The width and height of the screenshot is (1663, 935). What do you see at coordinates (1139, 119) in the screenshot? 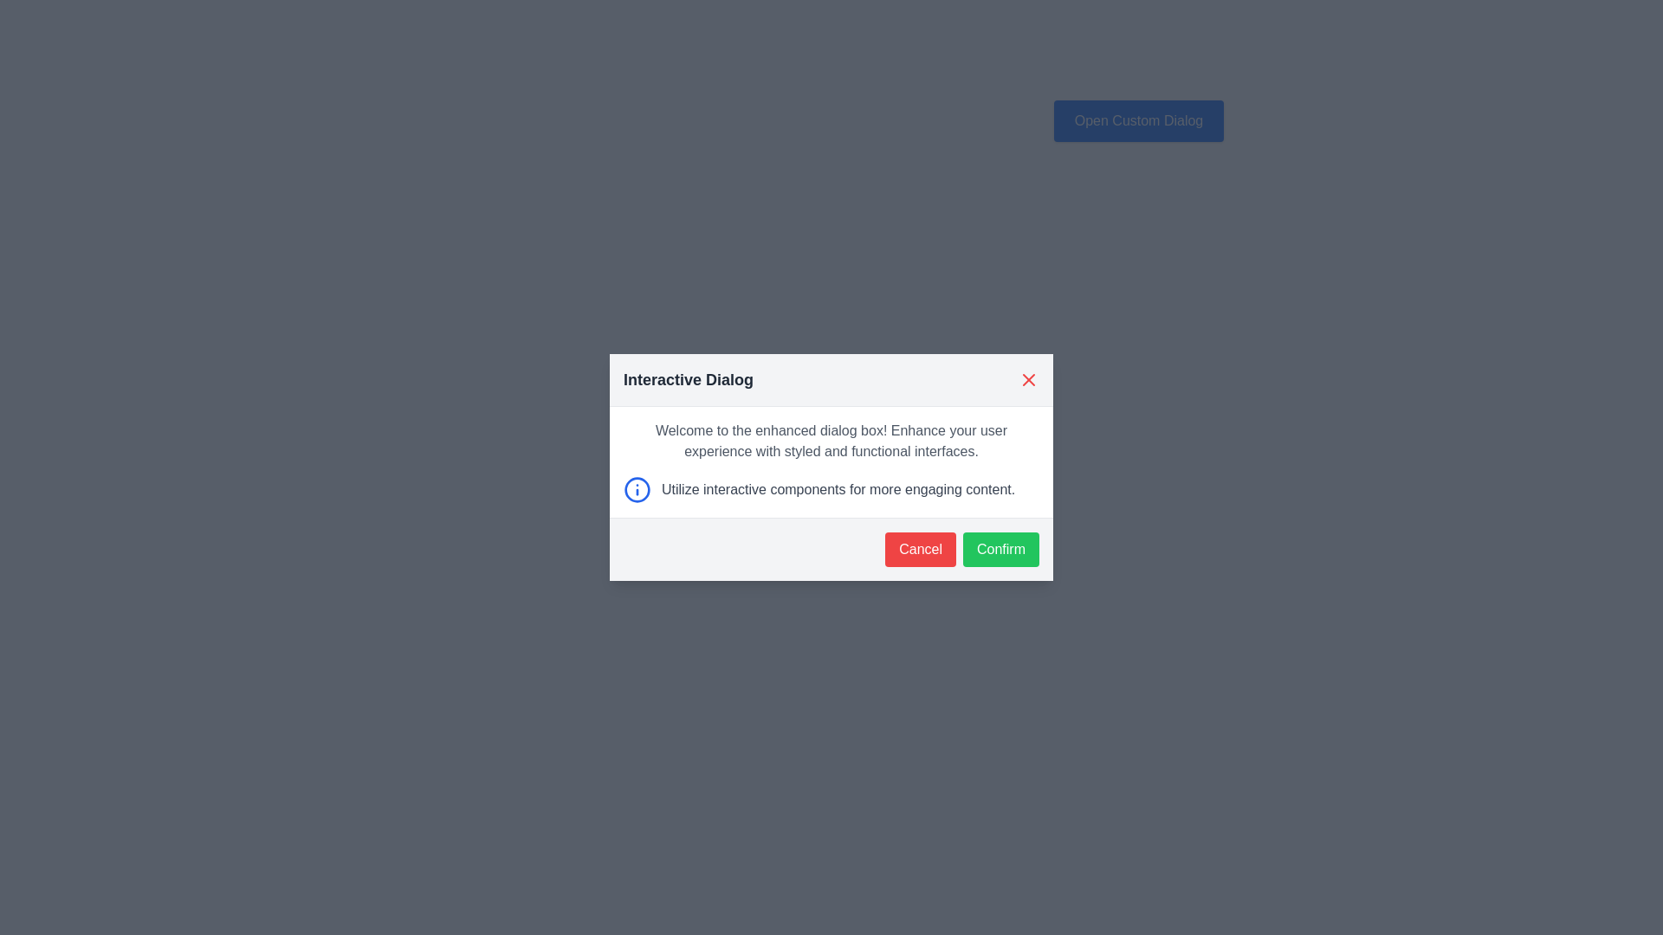
I see `the rectangular button with a blue background and white text that reads 'Open Custom Dialog'` at bounding box center [1139, 119].